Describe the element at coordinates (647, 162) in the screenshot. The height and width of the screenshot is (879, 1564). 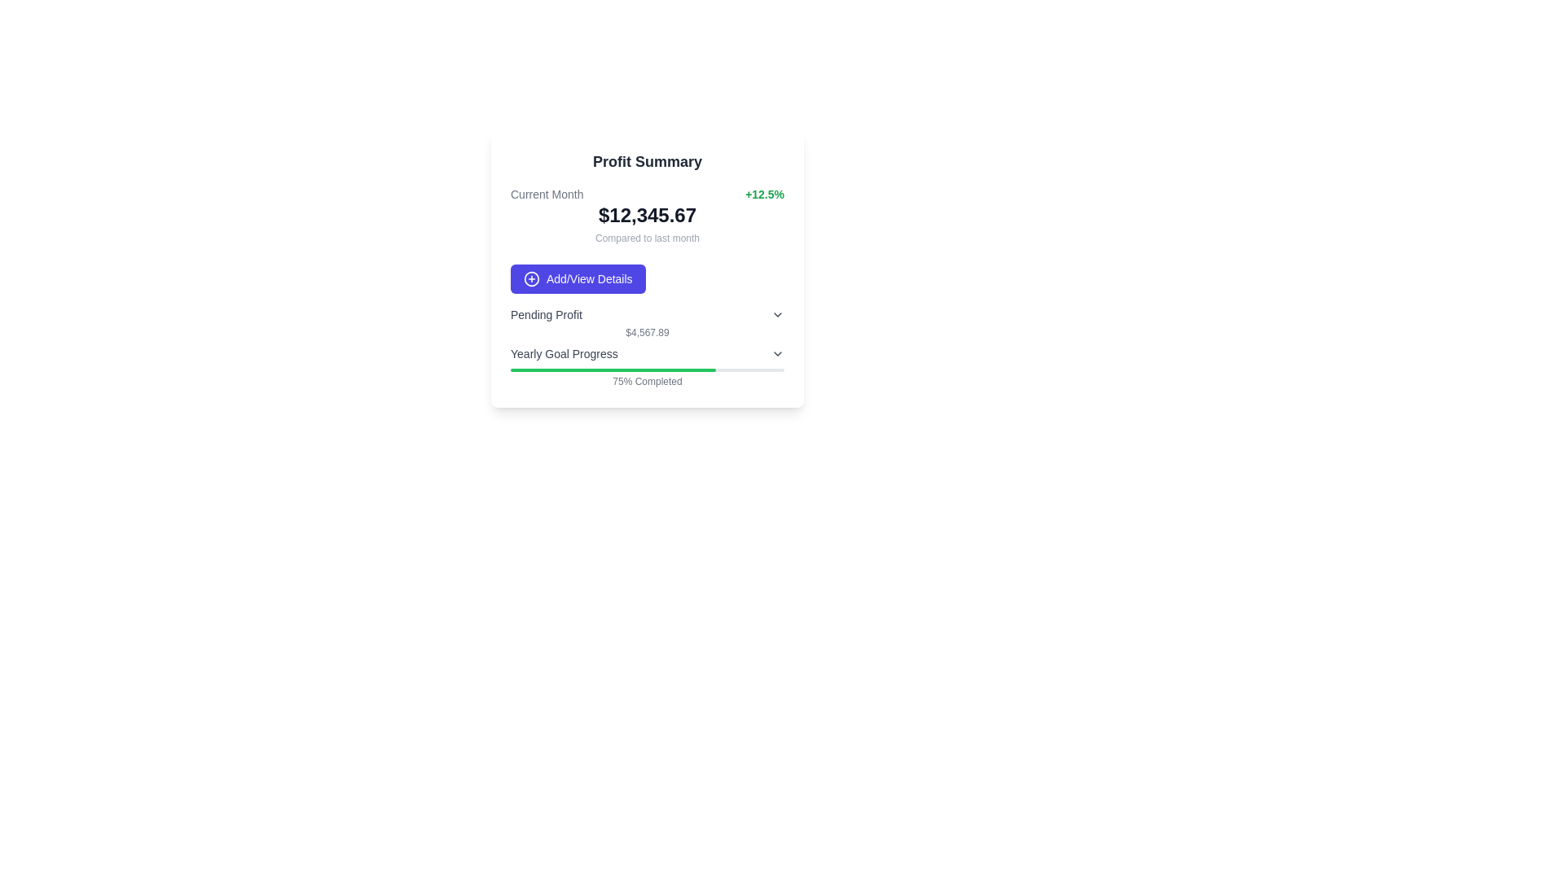
I see `heading text 'Profit Summary' which is styled in bold and dark gray, located at the top of a white card interface with rounded corners` at that location.